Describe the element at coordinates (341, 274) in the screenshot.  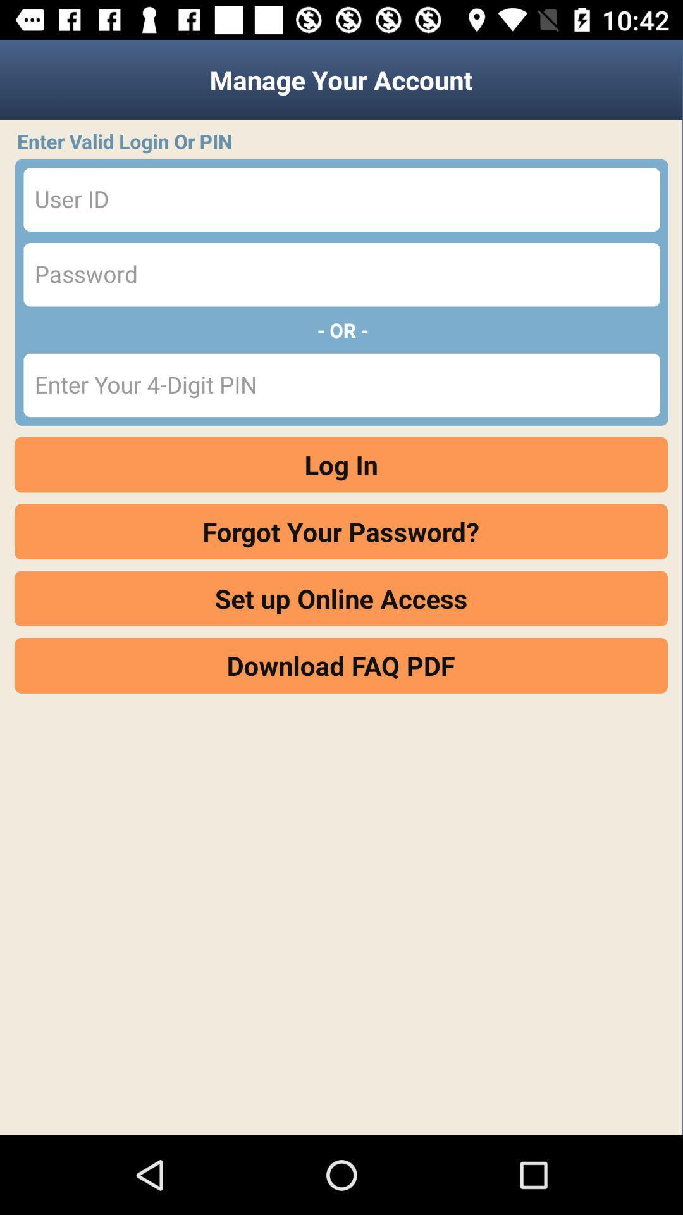
I see `password` at that location.